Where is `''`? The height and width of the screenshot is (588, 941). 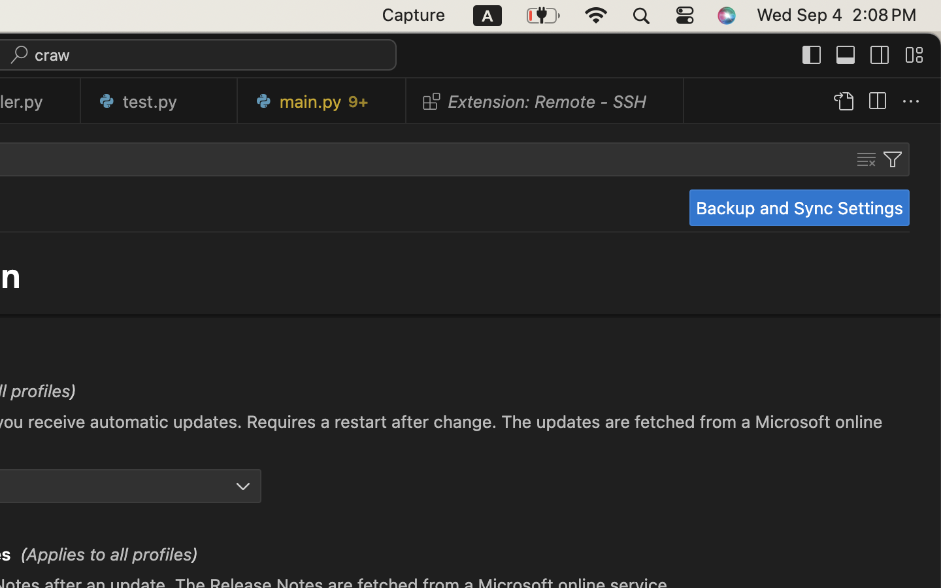
'' is located at coordinates (865, 158).